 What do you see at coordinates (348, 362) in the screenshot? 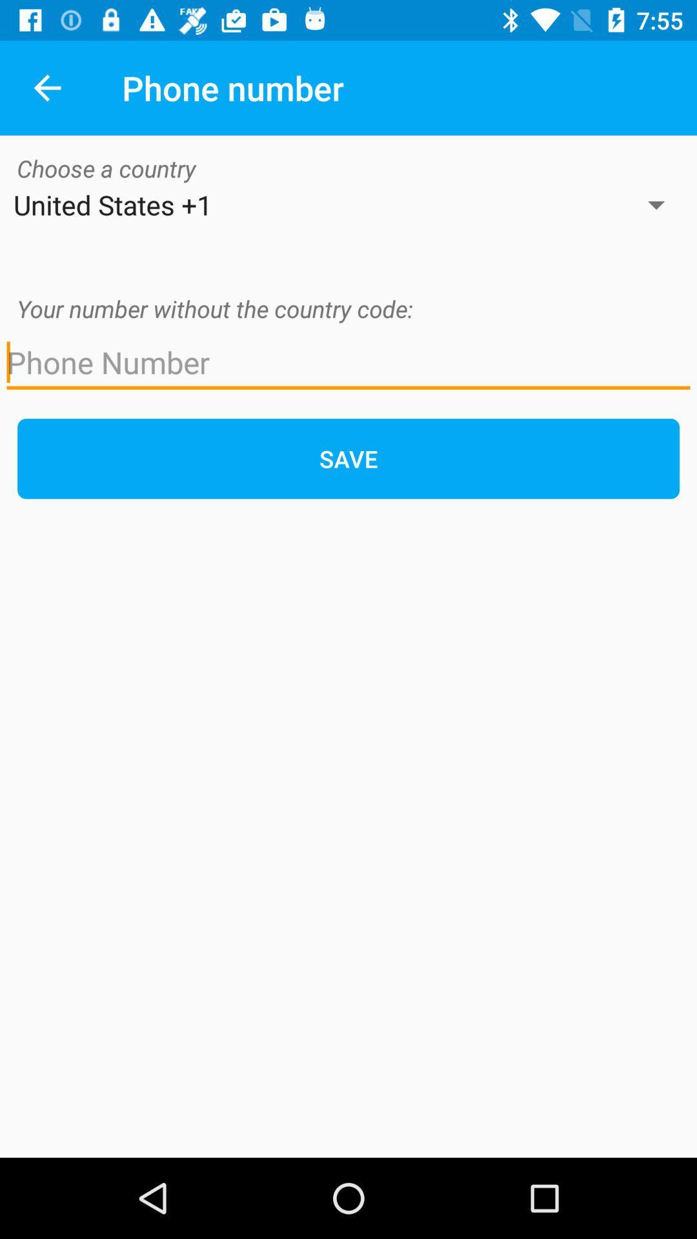
I see `typing option` at bounding box center [348, 362].